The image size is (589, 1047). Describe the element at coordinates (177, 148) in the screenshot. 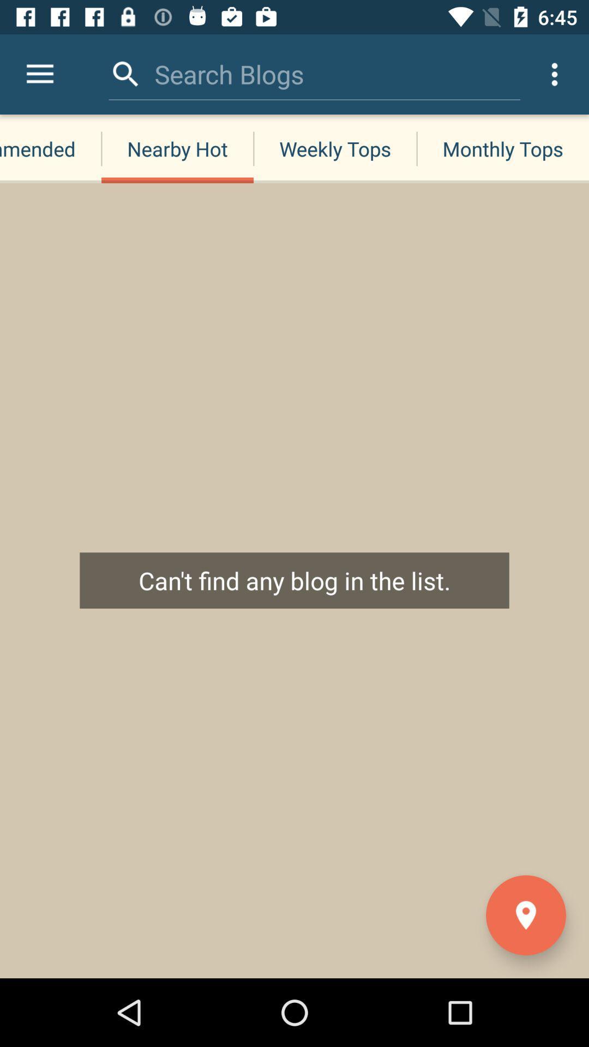

I see `item below search blogs item` at that location.